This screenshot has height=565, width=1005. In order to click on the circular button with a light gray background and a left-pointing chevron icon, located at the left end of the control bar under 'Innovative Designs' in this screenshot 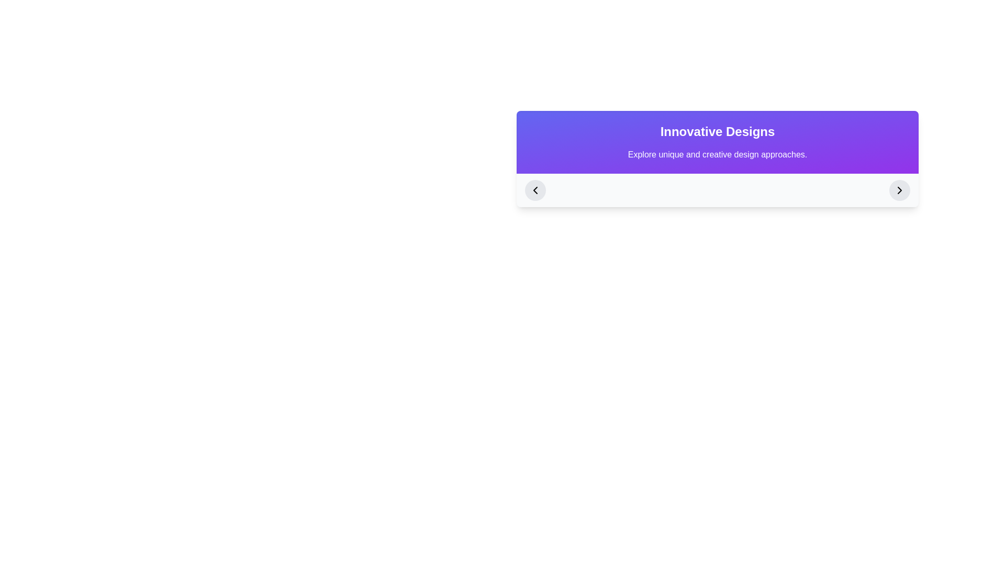, I will do `click(535, 190)`.